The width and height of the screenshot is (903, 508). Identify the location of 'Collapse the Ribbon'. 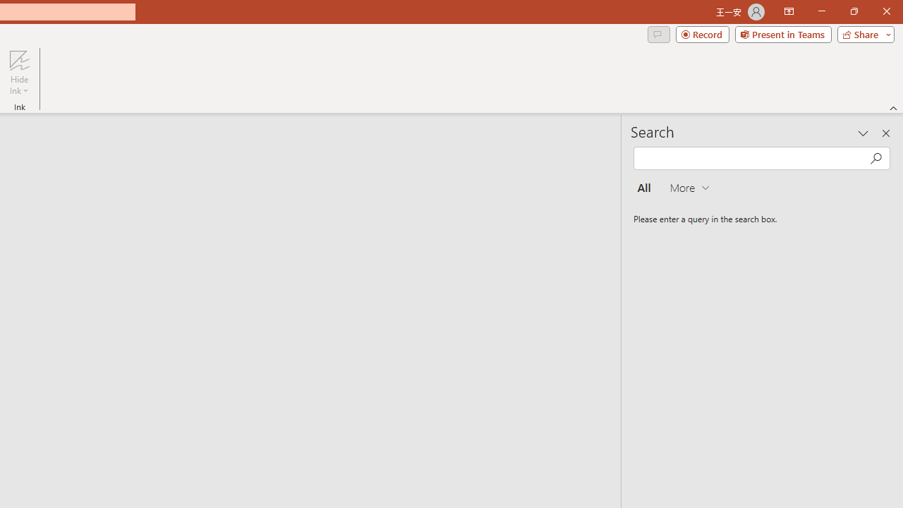
(893, 107).